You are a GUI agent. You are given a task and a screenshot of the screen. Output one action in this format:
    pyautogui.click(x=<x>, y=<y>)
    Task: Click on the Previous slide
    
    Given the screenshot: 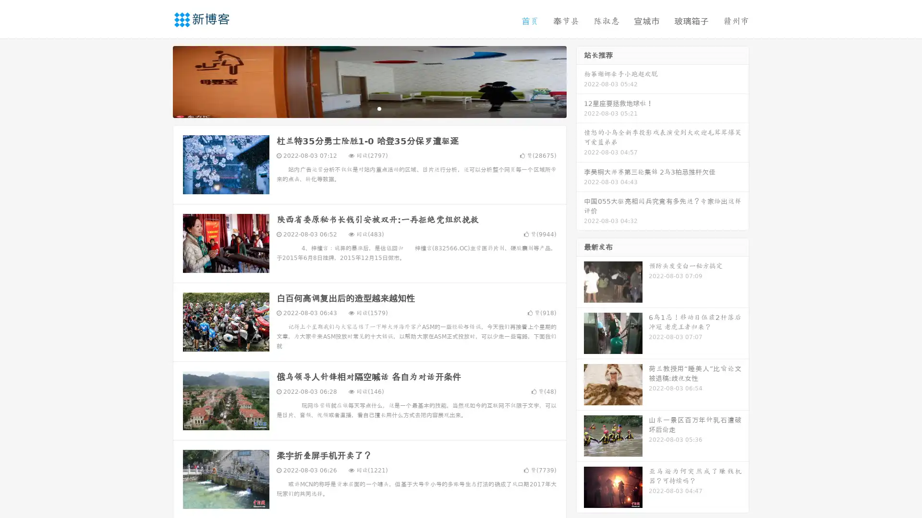 What is the action you would take?
    pyautogui.click(x=158, y=81)
    